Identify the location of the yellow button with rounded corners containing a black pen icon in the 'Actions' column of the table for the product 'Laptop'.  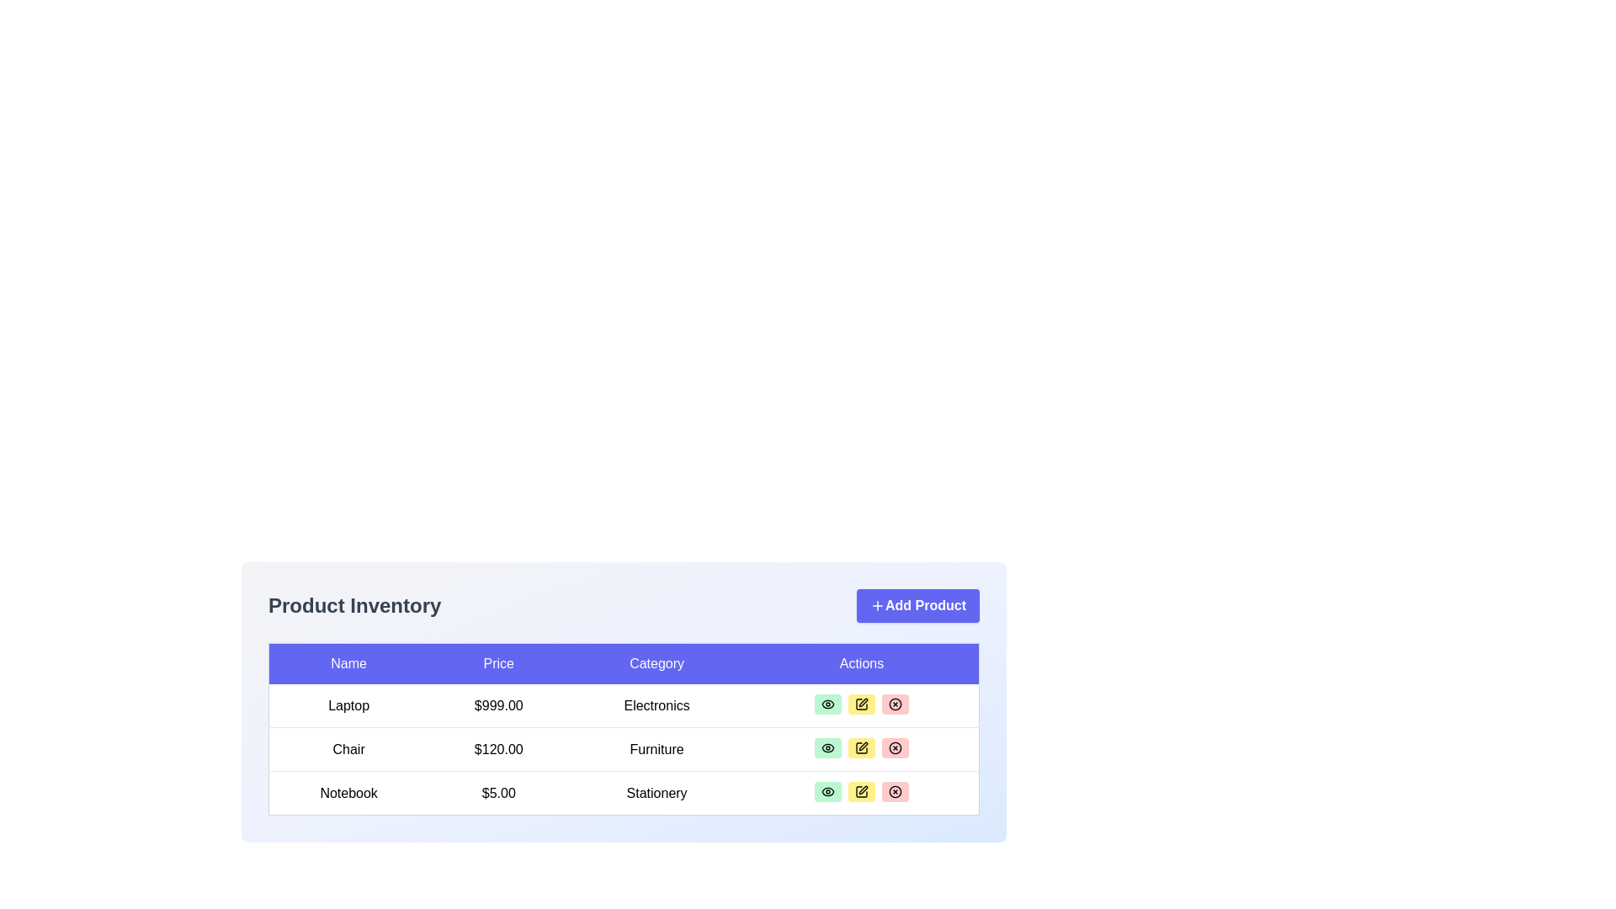
(861, 704).